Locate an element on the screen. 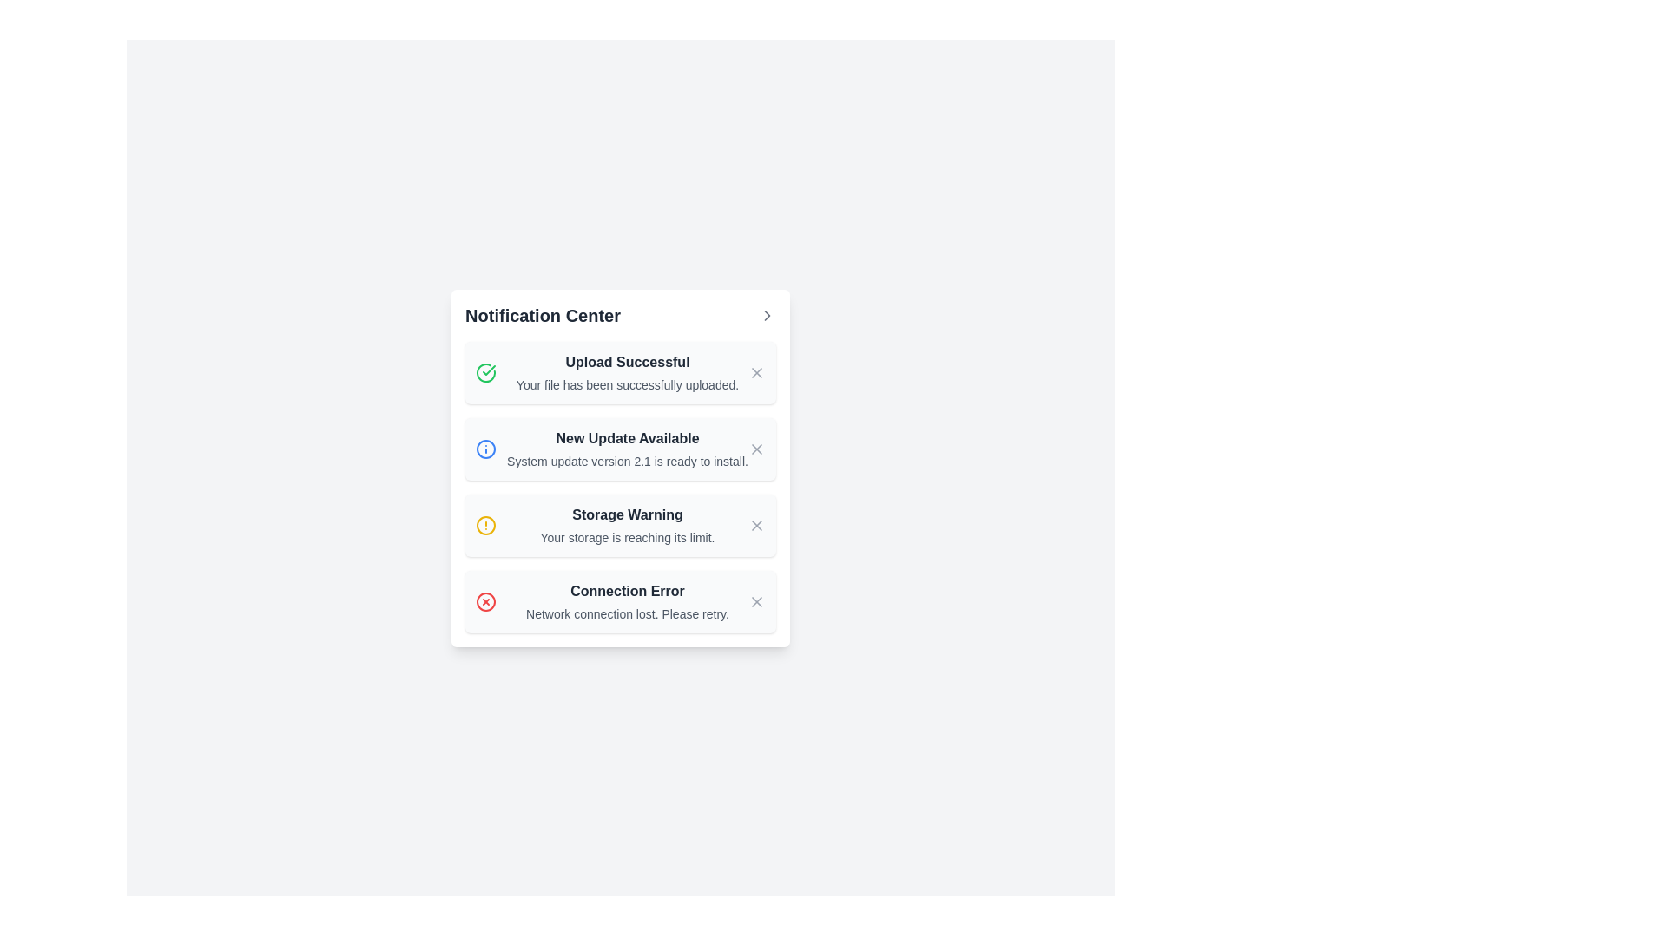 The height and width of the screenshot is (937, 1667). the text label that reads 'System update version 2.1 is ready to install.' located below the bold headline 'New Update Available' in the second notification block under 'Notification Center' is located at coordinates (627, 460).